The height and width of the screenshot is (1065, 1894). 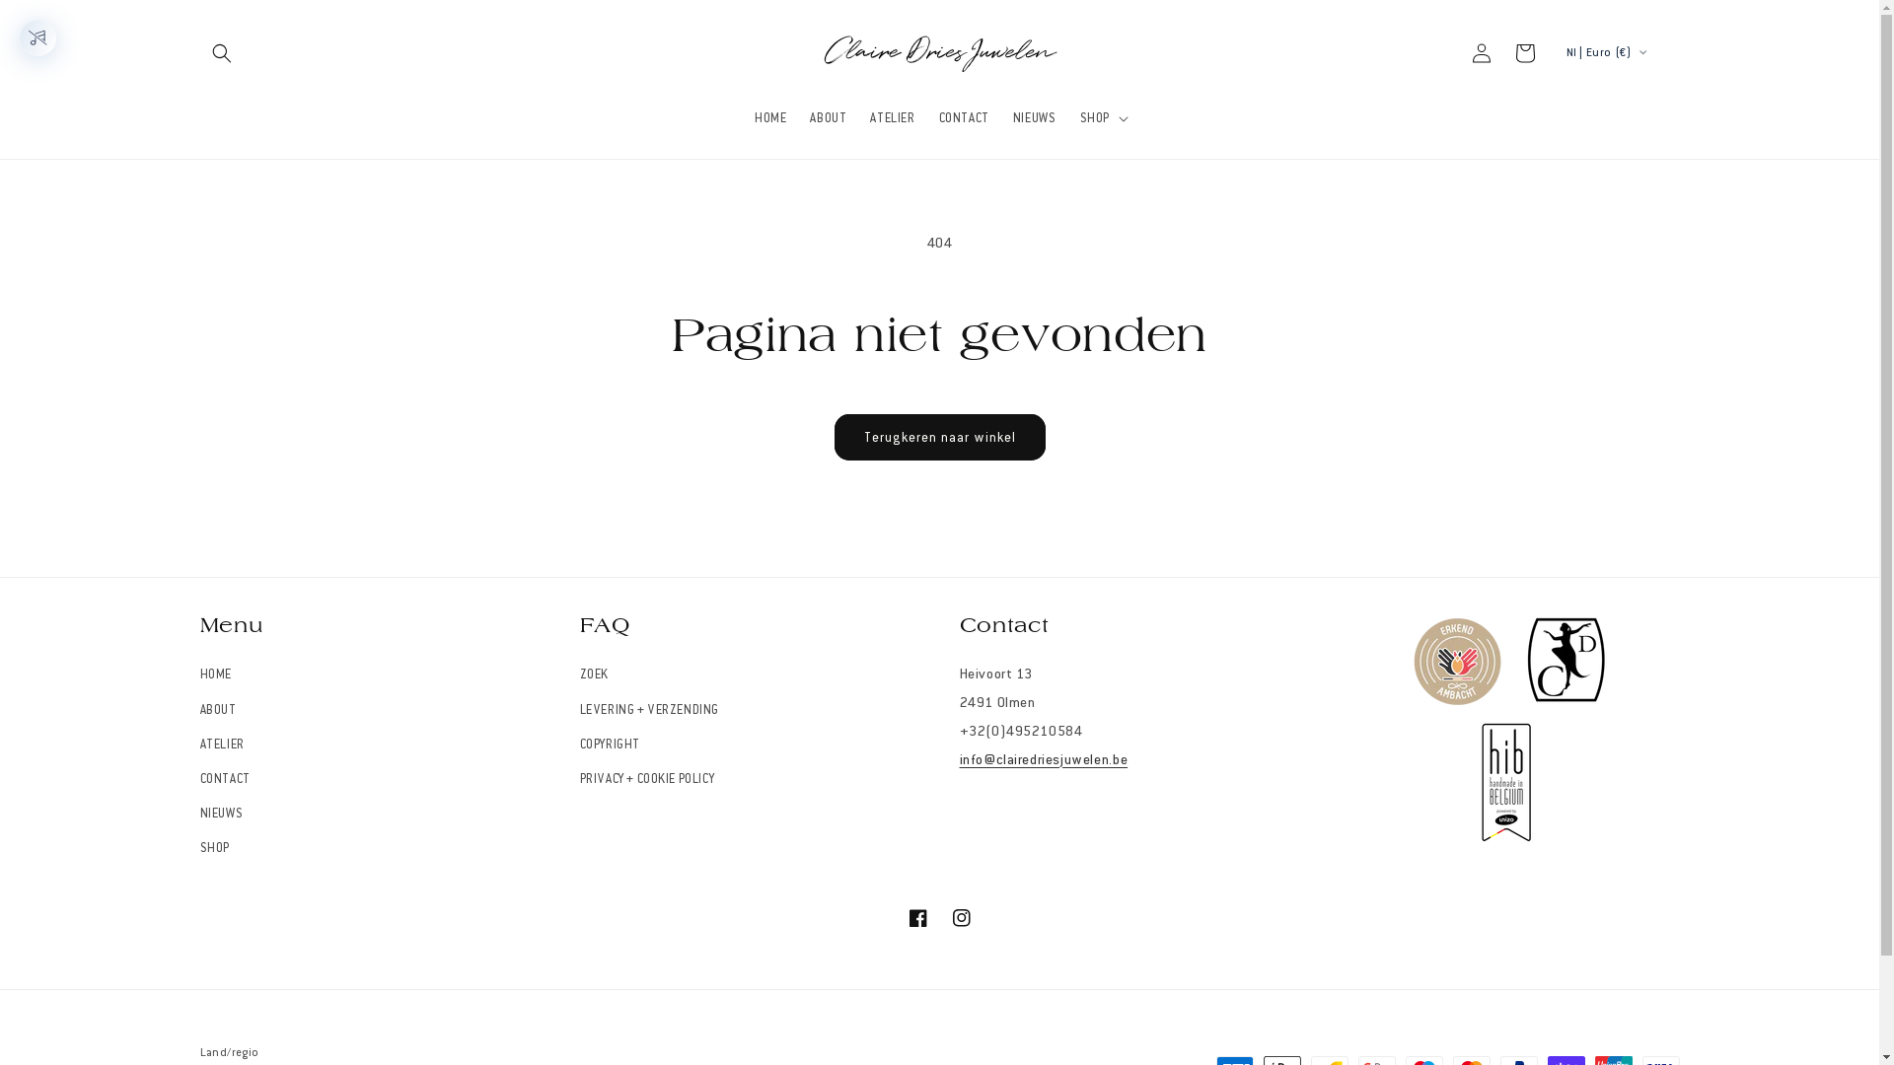 I want to click on 'ABOUT', so click(x=217, y=710).